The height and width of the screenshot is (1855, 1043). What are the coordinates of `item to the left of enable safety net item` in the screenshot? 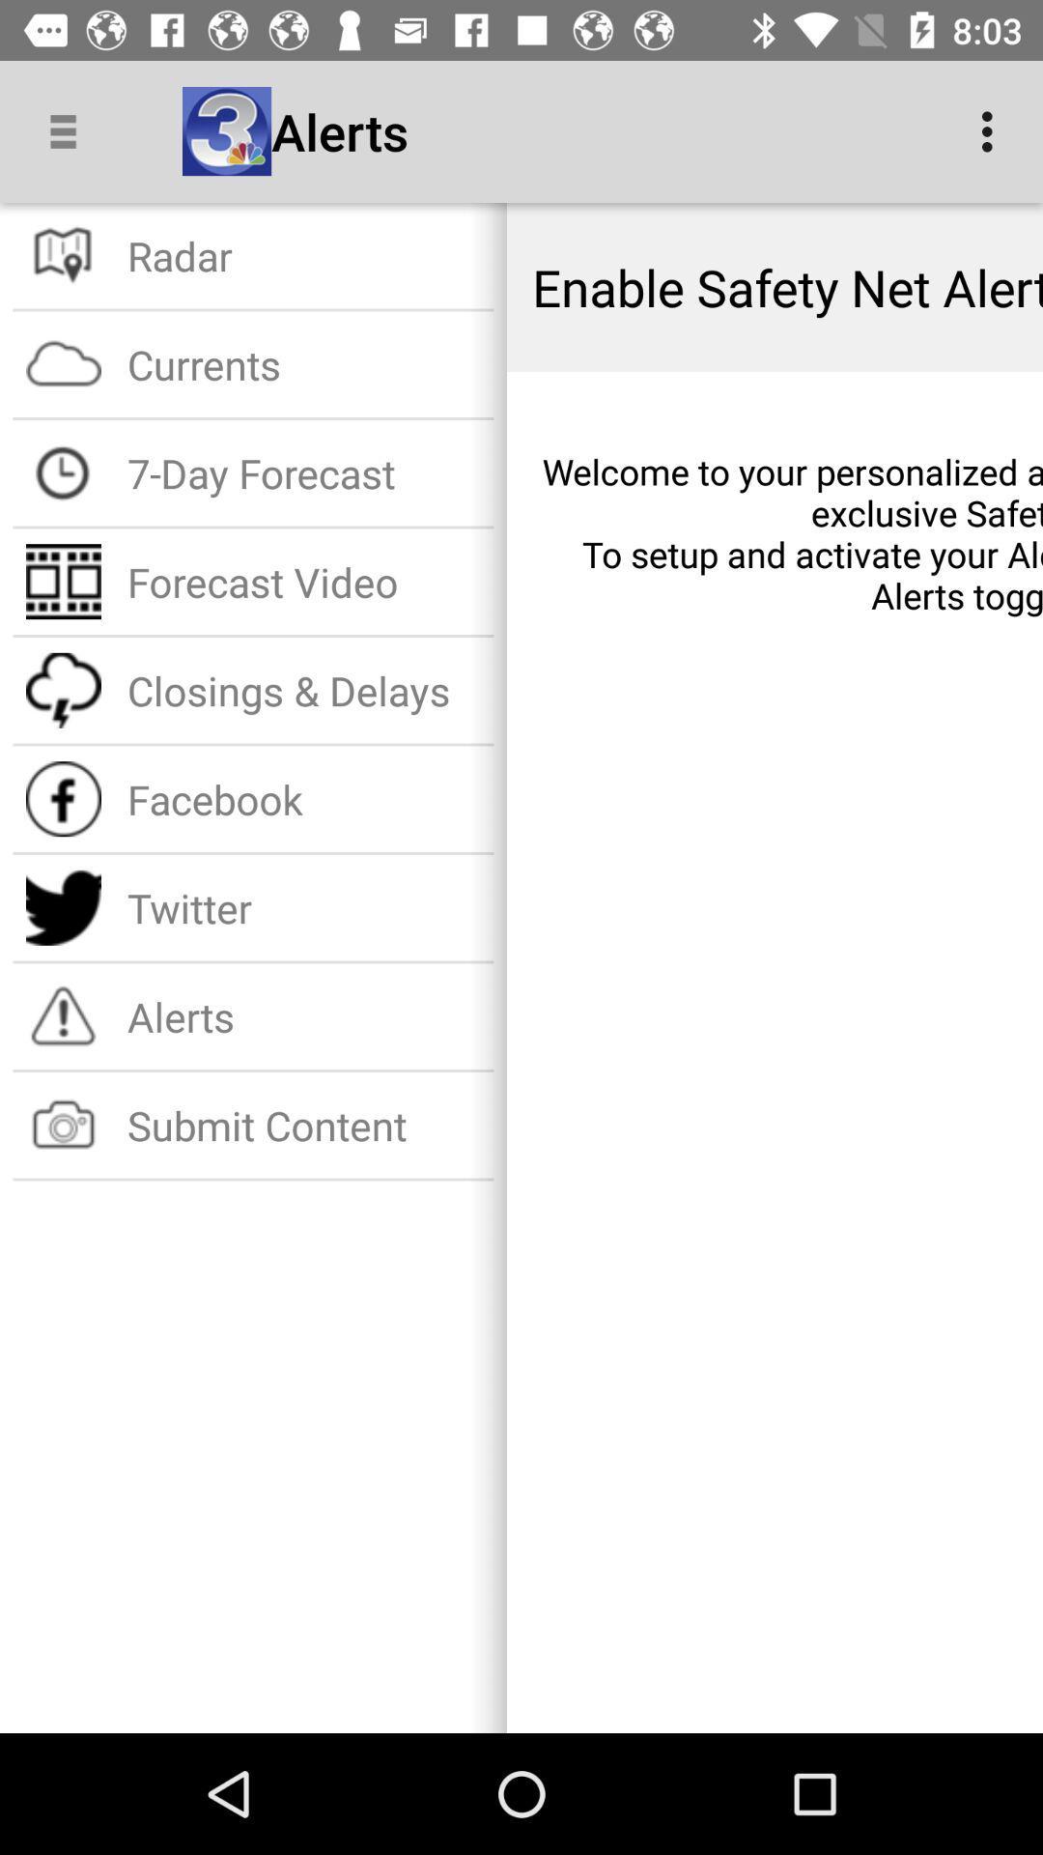 It's located at (304, 254).